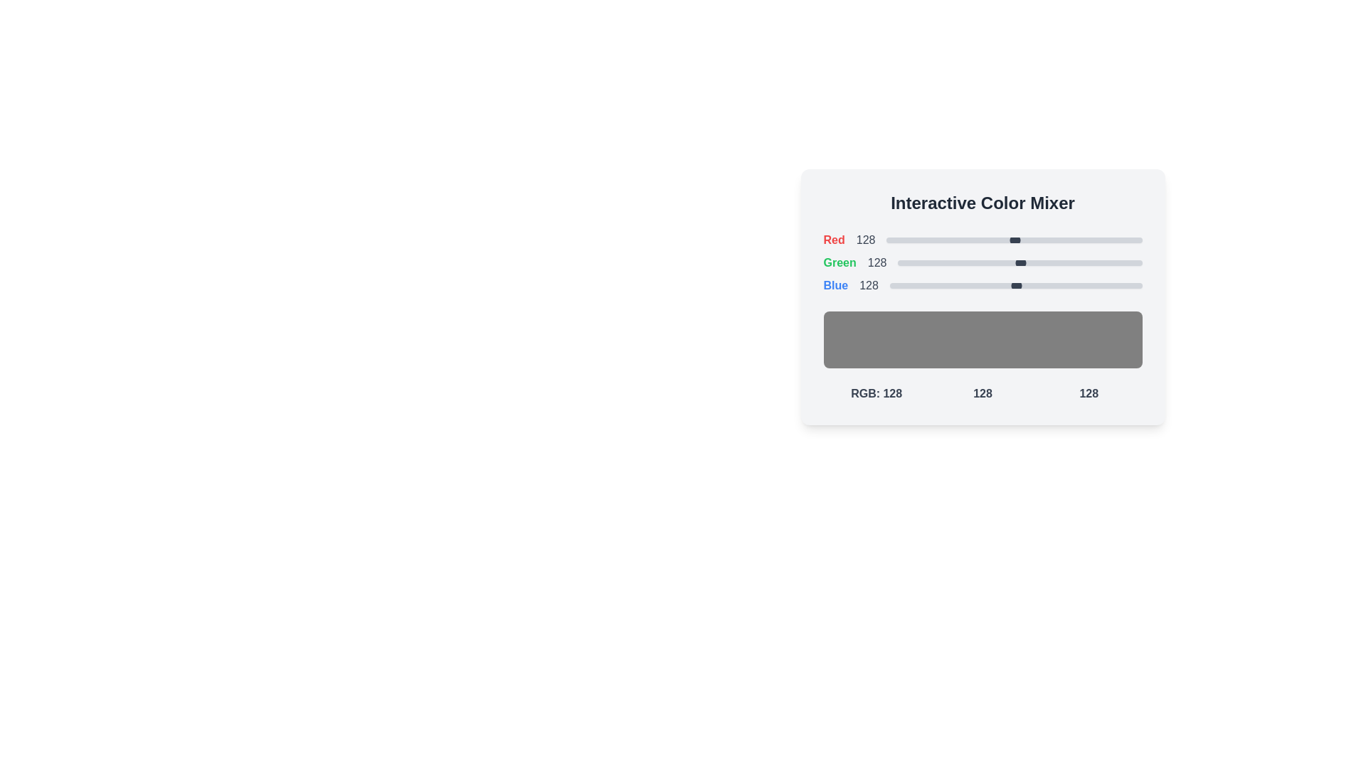 The height and width of the screenshot is (768, 1366). What do you see at coordinates (1111, 263) in the screenshot?
I see `the green color intensity` at bounding box center [1111, 263].